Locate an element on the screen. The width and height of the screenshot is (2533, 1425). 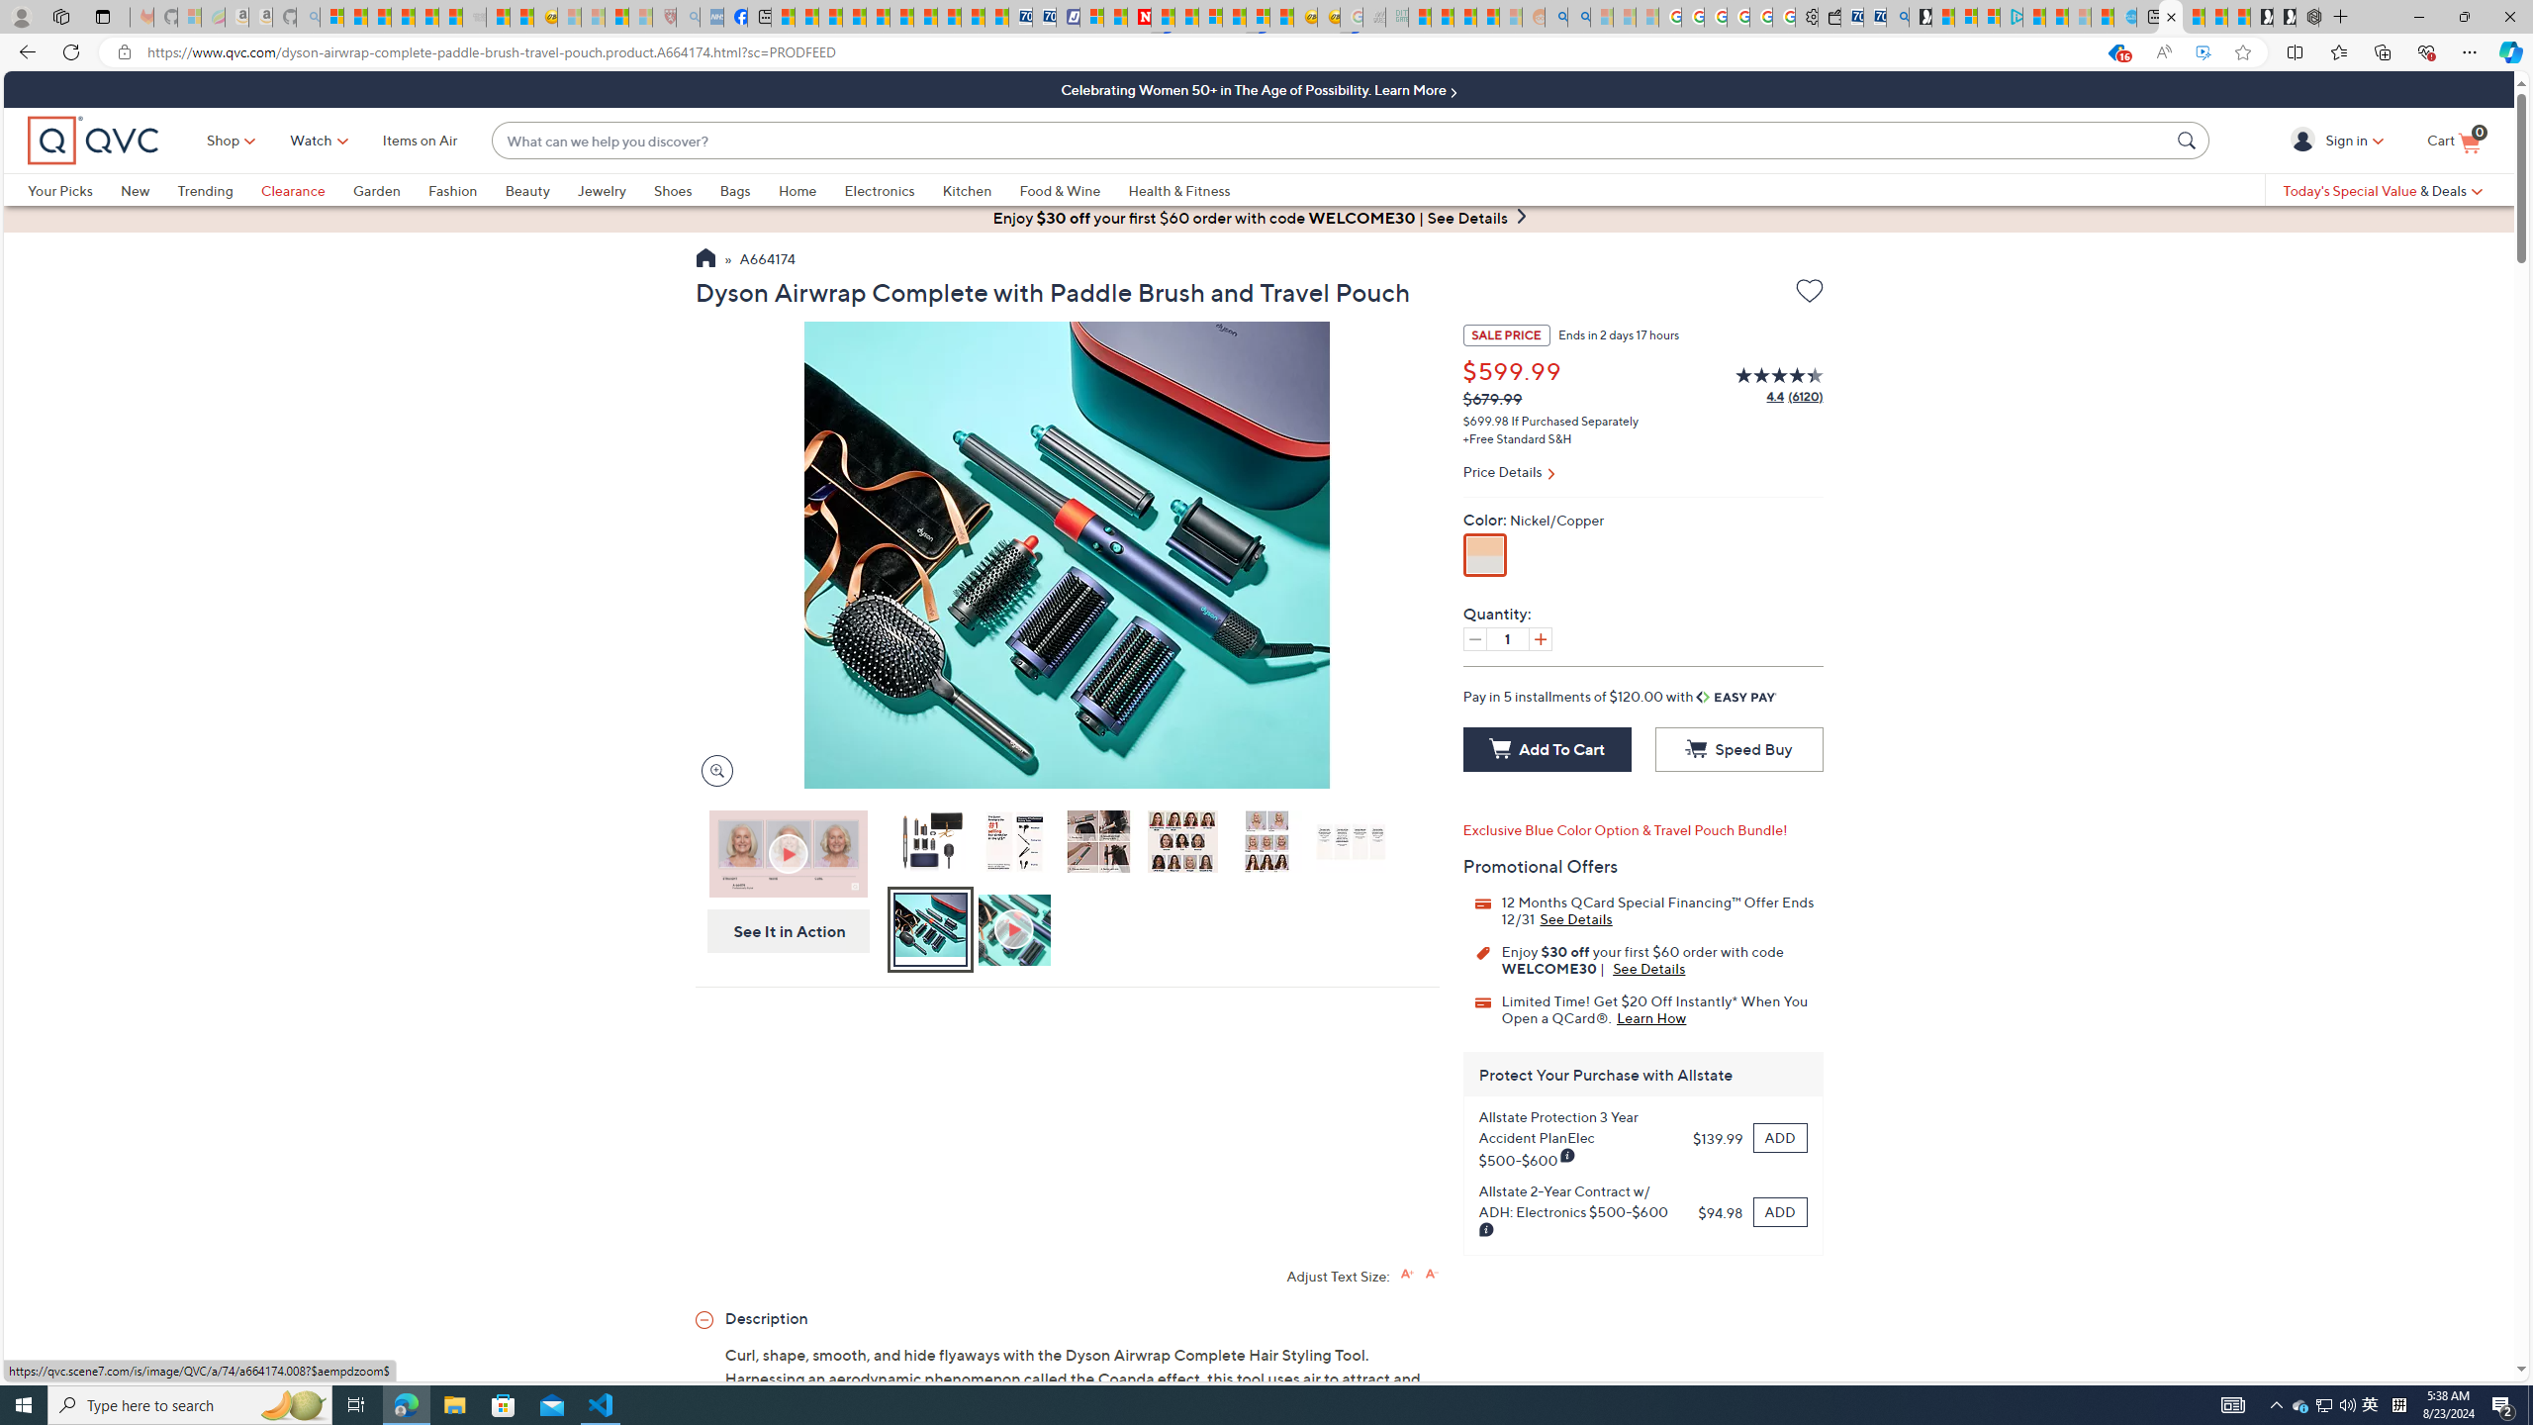
'Garden' is located at coordinates (390, 189).